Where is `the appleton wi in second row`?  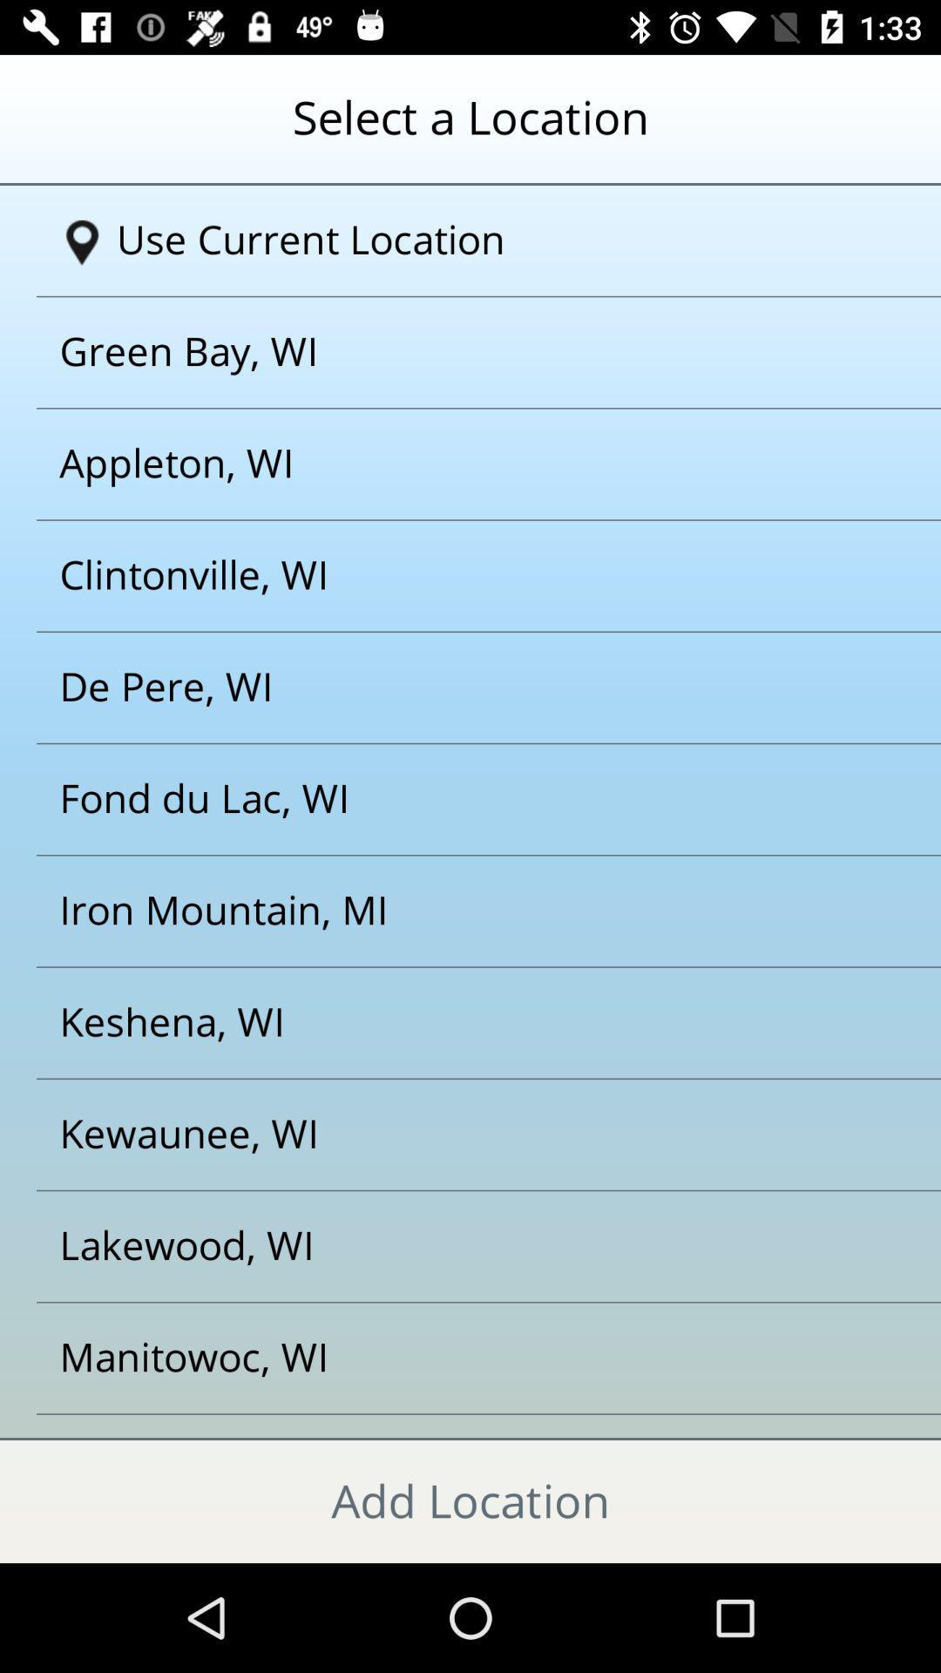
the appleton wi in second row is located at coordinates (448, 464).